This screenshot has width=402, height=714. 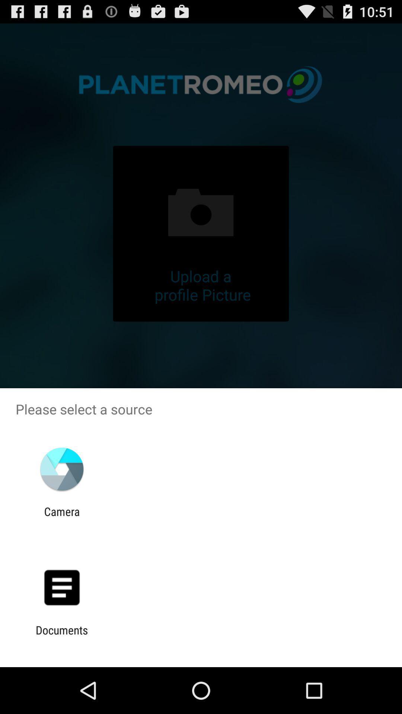 What do you see at coordinates (61, 518) in the screenshot?
I see `camera icon` at bounding box center [61, 518].